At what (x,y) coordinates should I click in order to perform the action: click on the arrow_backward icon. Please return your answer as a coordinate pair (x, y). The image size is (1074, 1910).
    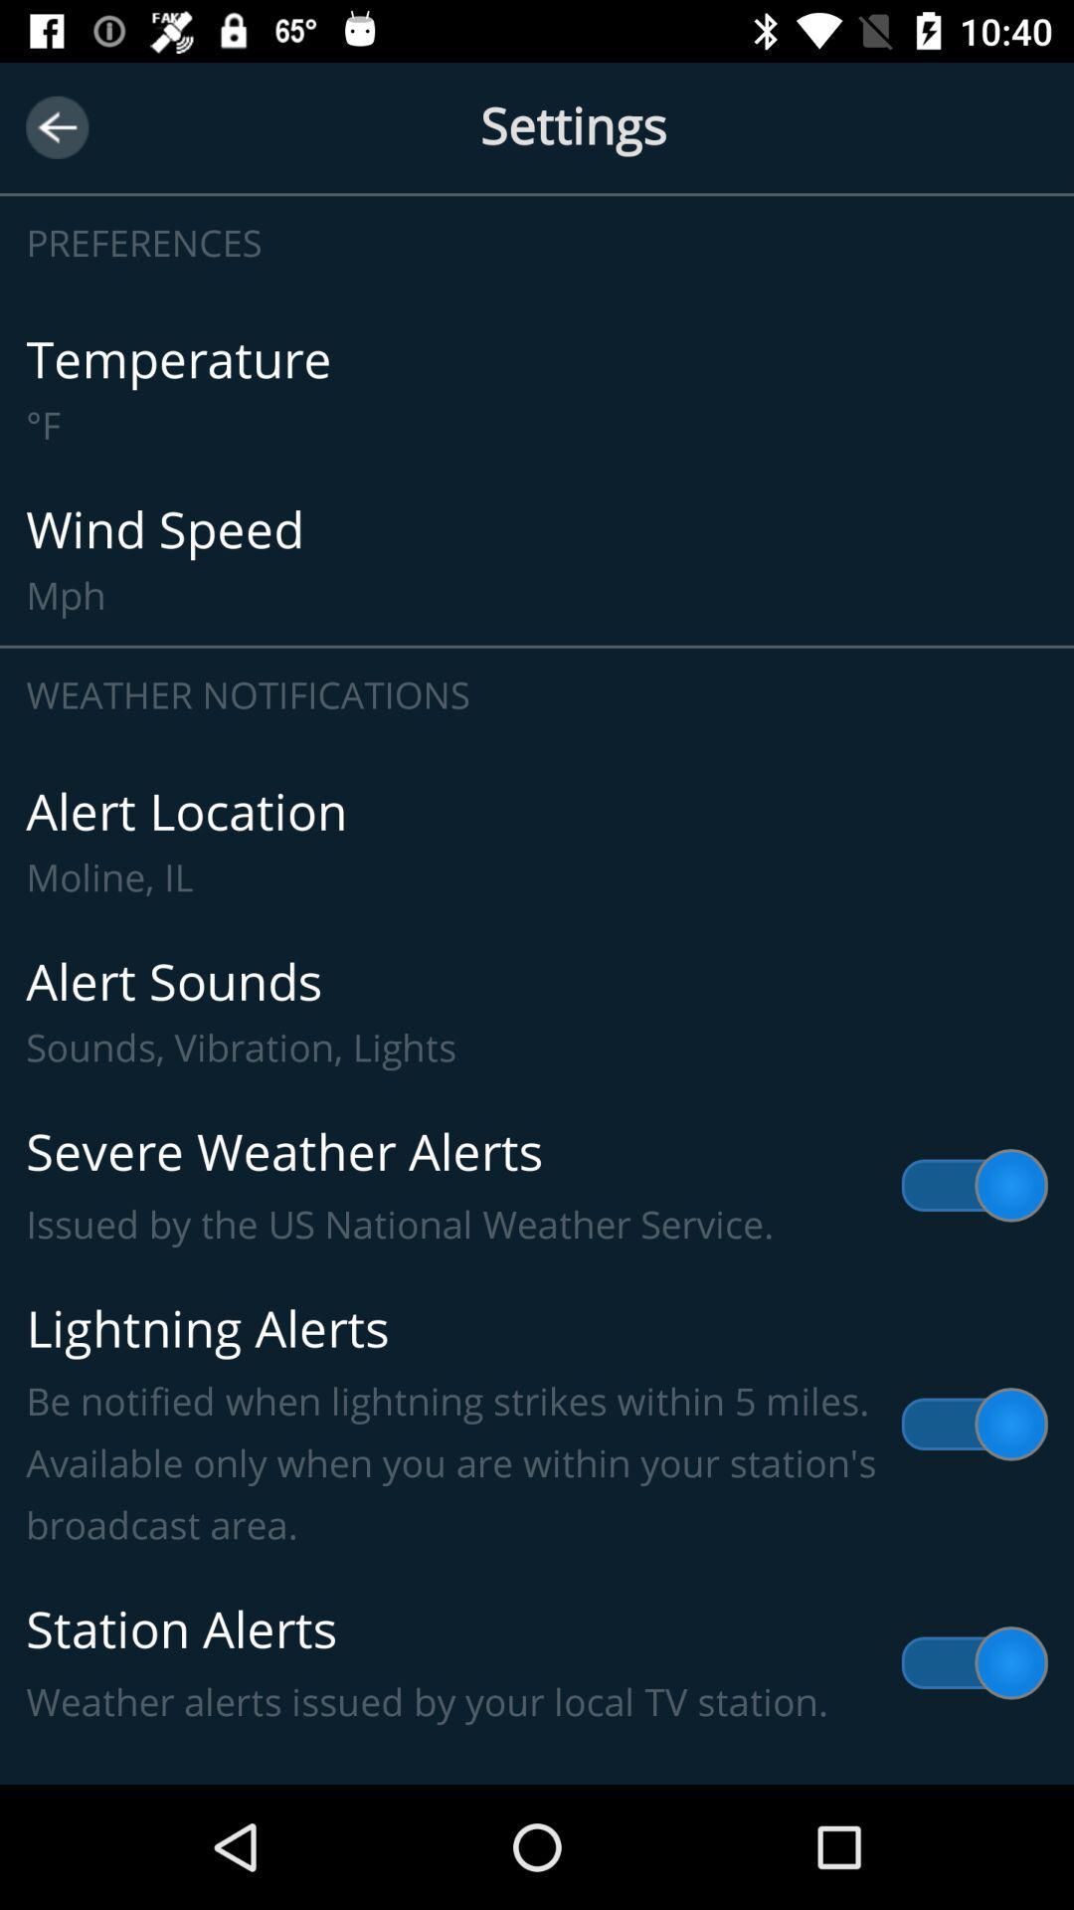
    Looking at the image, I should click on (56, 126).